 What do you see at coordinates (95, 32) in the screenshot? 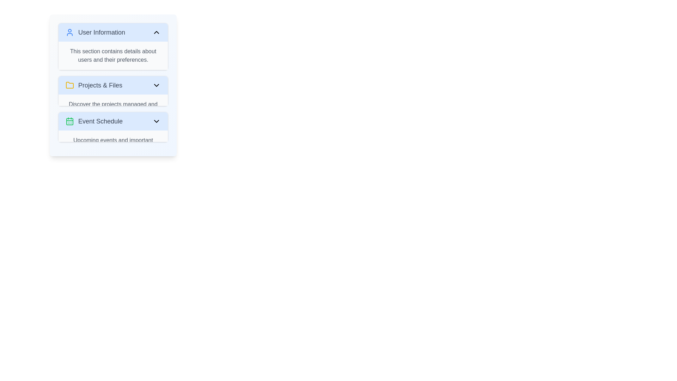
I see `the 'User Information' label which is located to the right of a user icon with a blue outline, styled in gray on a light blue background` at bounding box center [95, 32].